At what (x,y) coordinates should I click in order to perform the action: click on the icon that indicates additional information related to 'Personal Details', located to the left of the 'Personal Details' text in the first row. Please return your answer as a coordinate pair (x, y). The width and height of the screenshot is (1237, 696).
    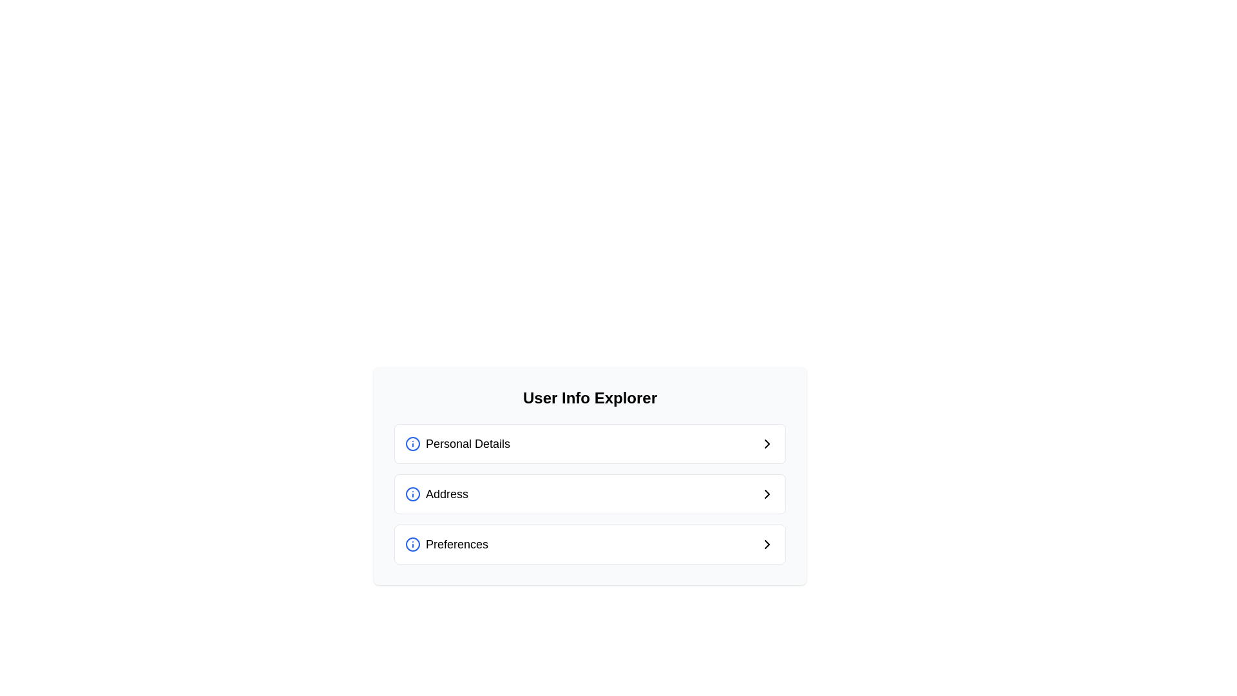
    Looking at the image, I should click on (413, 443).